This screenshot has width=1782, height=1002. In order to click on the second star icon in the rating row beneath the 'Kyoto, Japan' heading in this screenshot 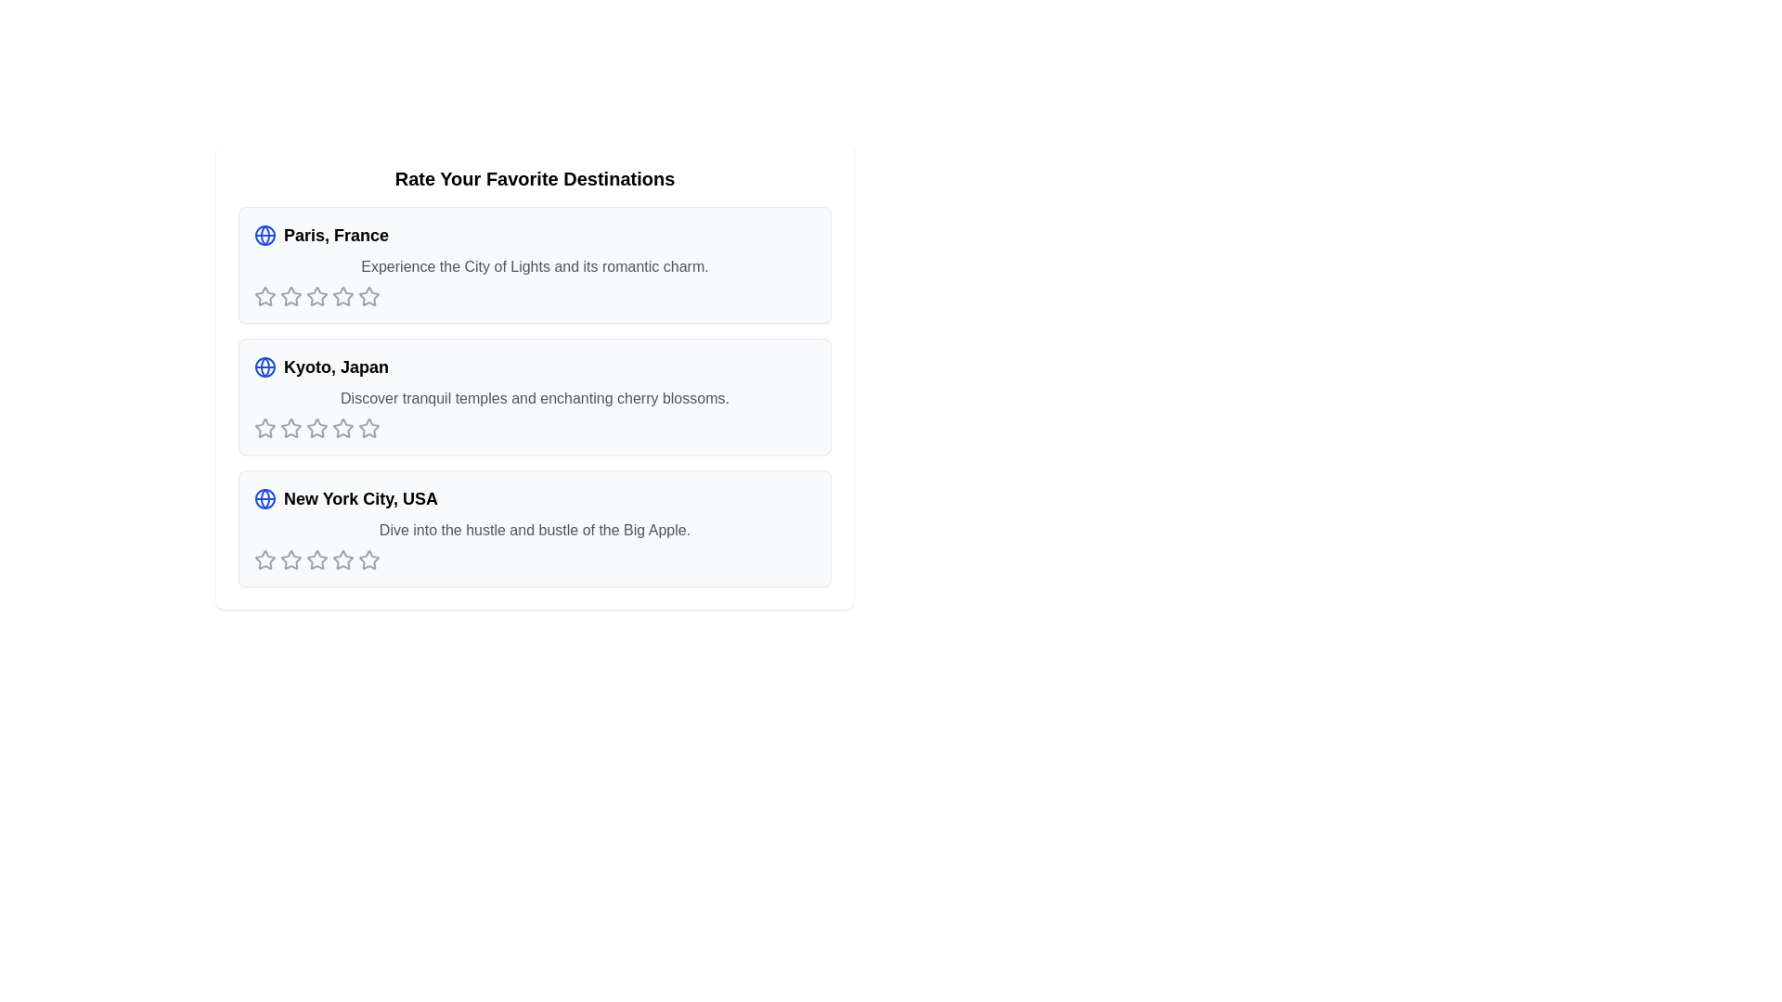, I will do `click(316, 428)`.